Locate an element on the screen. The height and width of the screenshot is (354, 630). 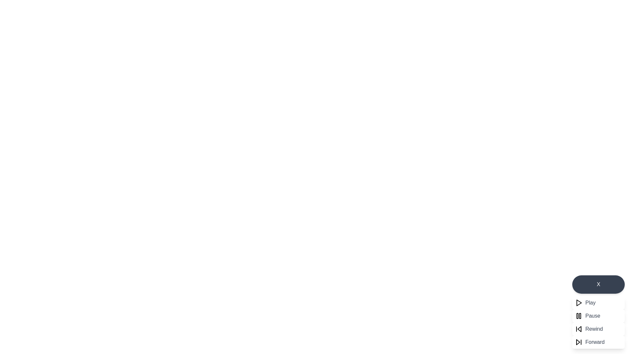
the circular button to toggle the menu state is located at coordinates (598, 284).